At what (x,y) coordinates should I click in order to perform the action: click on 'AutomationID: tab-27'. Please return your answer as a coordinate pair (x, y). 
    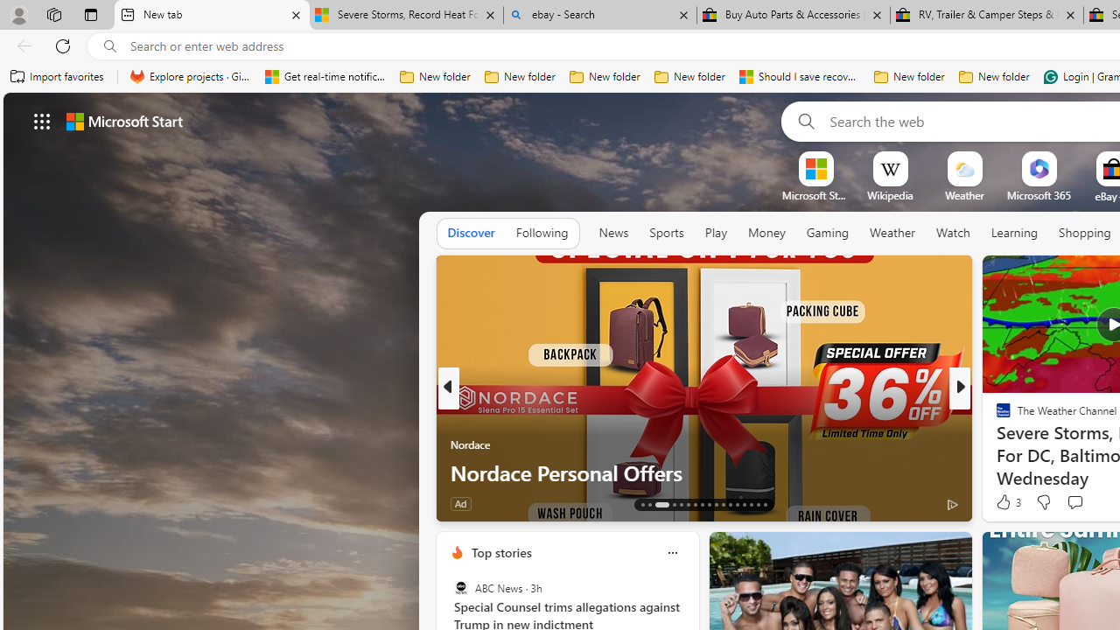
    Looking at the image, I should click on (751, 505).